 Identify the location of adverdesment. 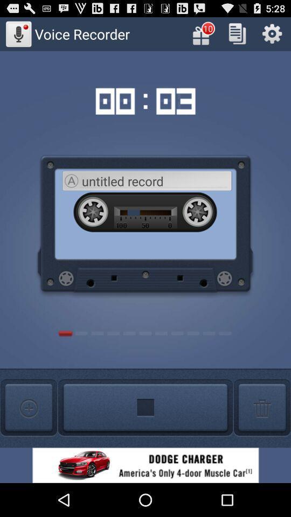
(145, 465).